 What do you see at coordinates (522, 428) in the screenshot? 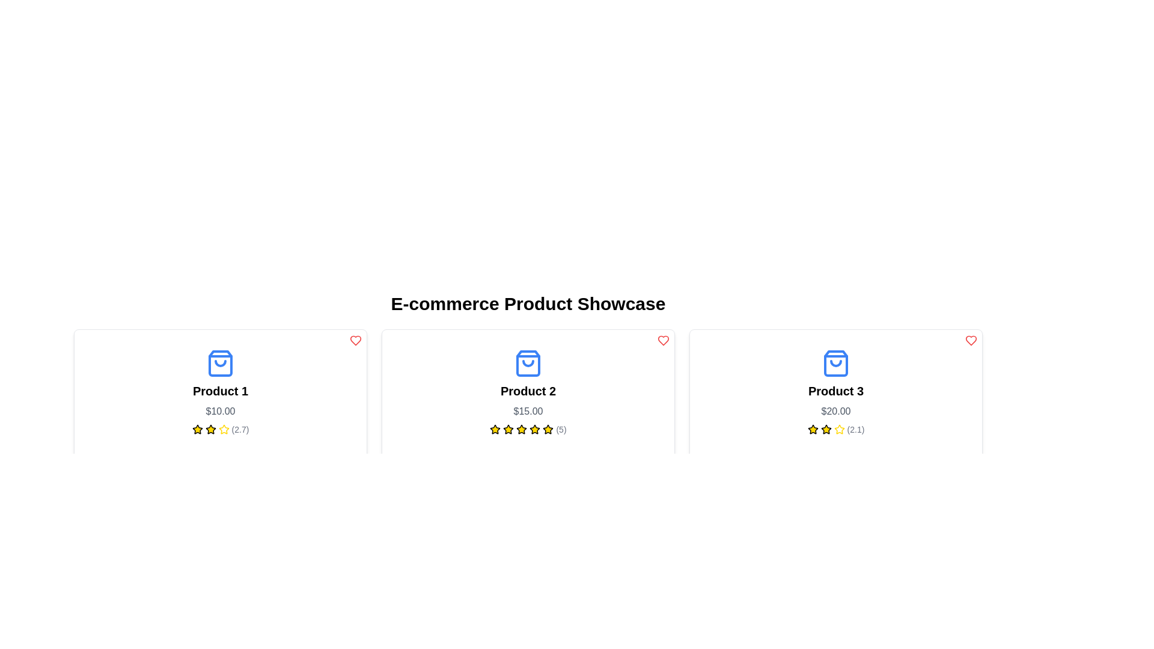
I see `the fourth star rating icon, which is a yellow star with a hollow center and a thin black outline, part of a group of five stars used for product ratings` at bounding box center [522, 428].